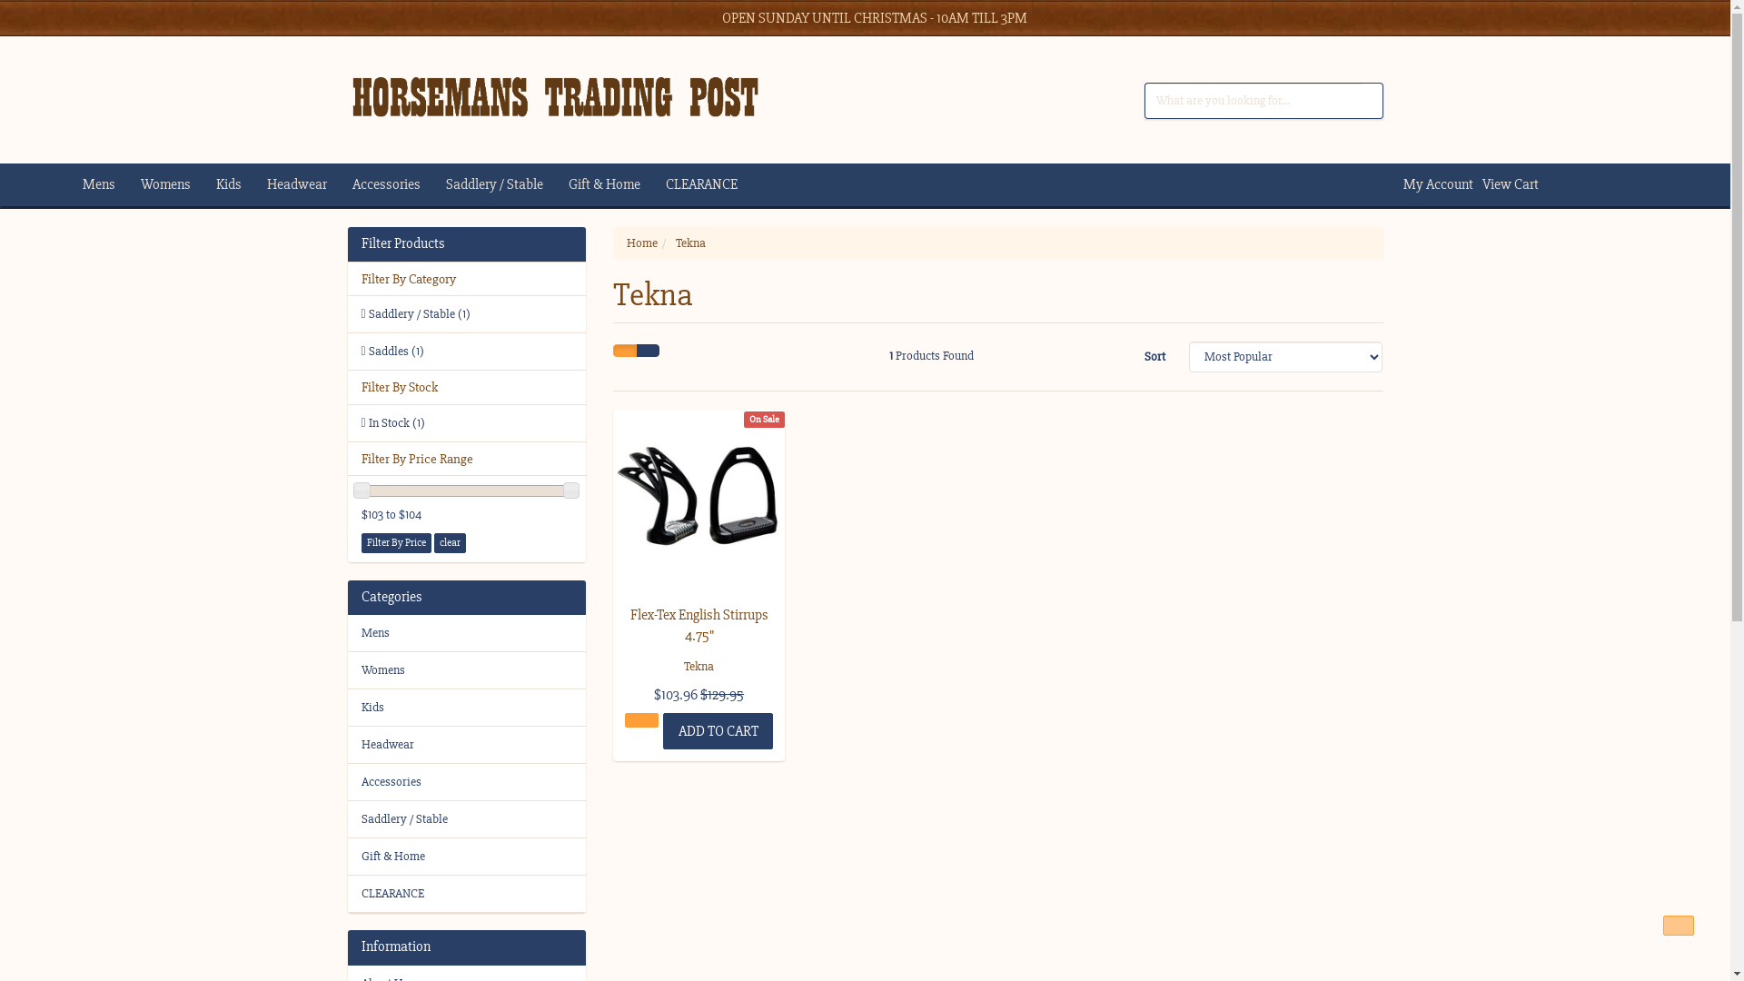  What do you see at coordinates (466, 669) in the screenshot?
I see `'Womens'` at bounding box center [466, 669].